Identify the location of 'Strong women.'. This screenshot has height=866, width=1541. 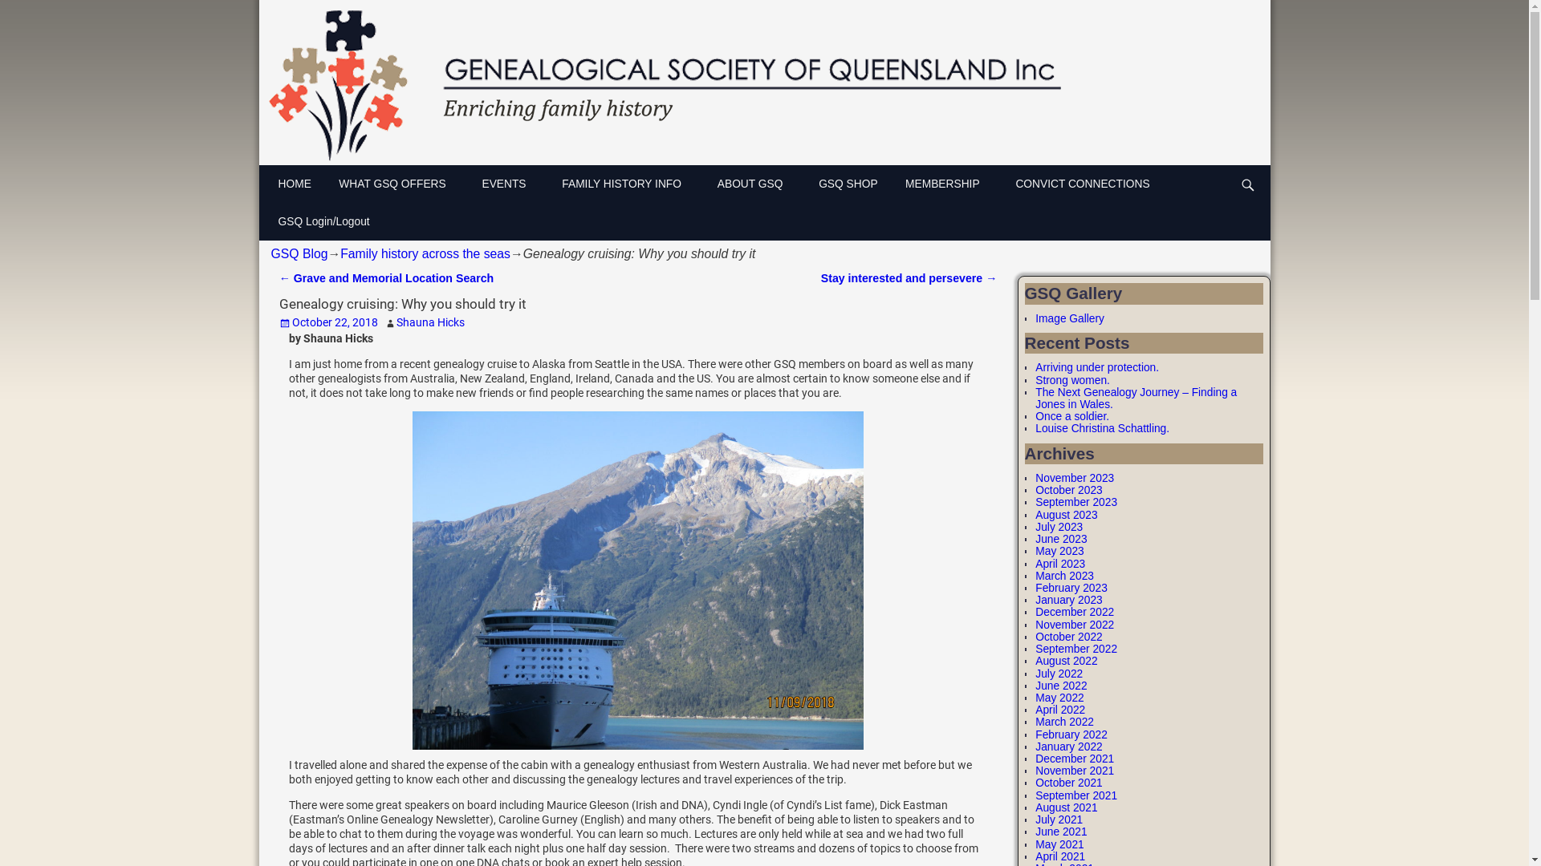
(1072, 380).